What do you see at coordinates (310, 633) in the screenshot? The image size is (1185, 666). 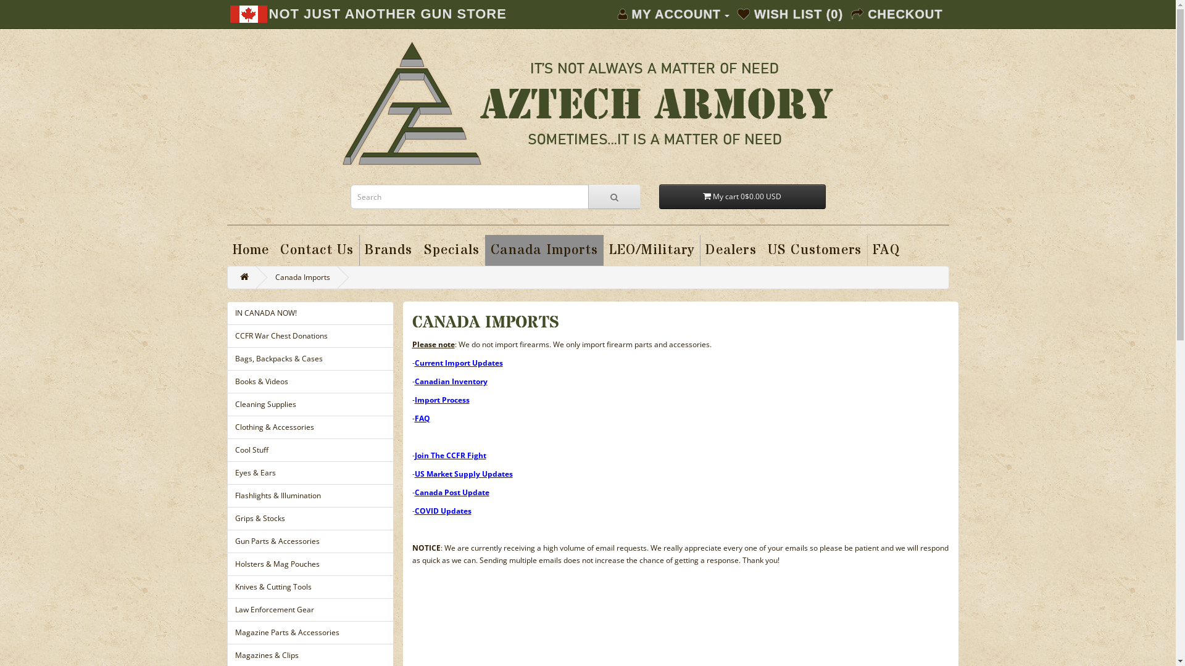 I see `'Magazine Parts & Accessories'` at bounding box center [310, 633].